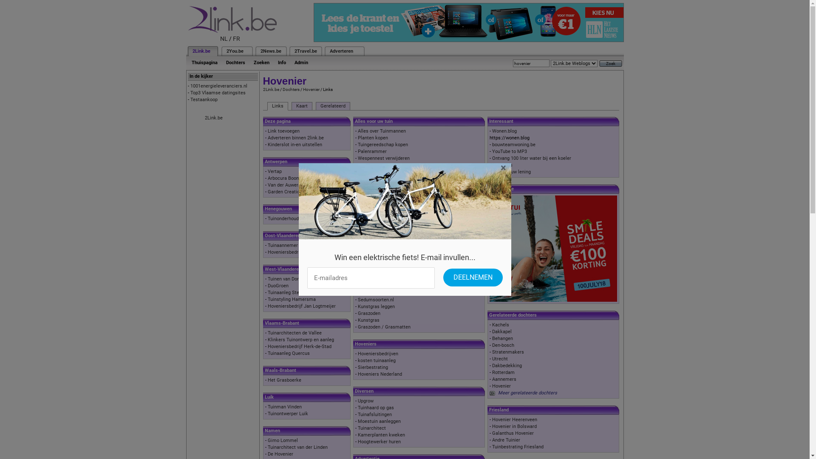 The width and height of the screenshot is (816, 459). Describe the element at coordinates (302, 306) in the screenshot. I see `'Hoveniersbedrijf Jan Logtmeijer'` at that location.